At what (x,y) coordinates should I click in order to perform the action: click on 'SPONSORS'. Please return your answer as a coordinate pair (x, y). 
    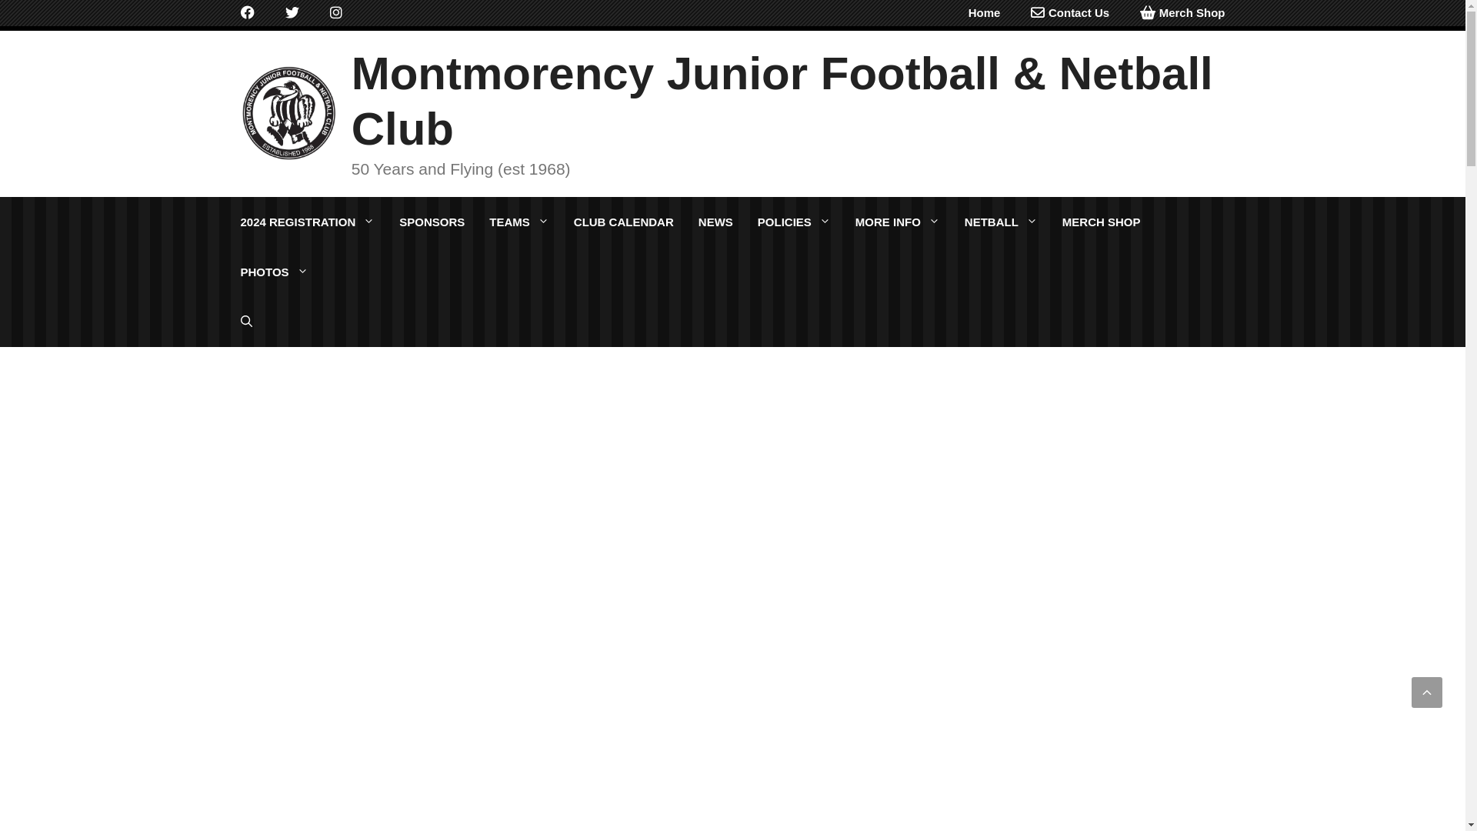
    Looking at the image, I should click on (431, 222).